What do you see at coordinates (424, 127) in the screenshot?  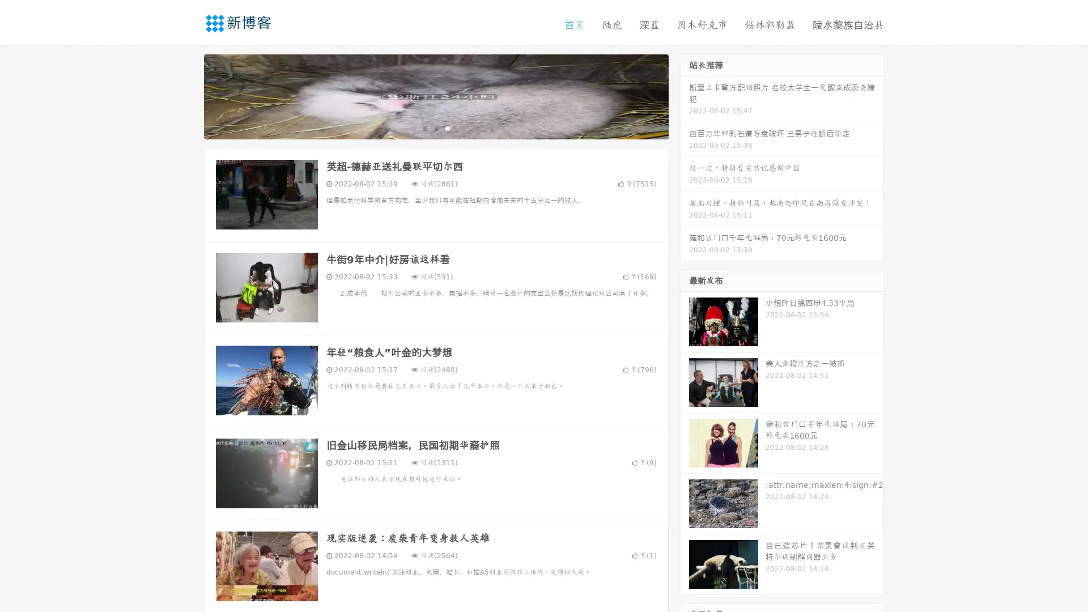 I see `Go to slide 1` at bounding box center [424, 127].